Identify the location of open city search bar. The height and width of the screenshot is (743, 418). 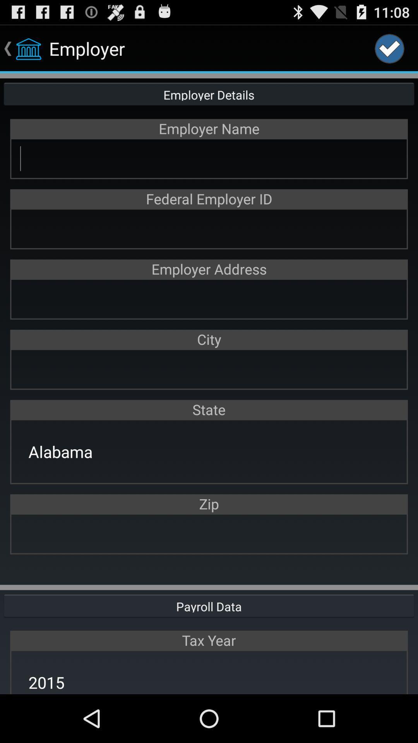
(209, 369).